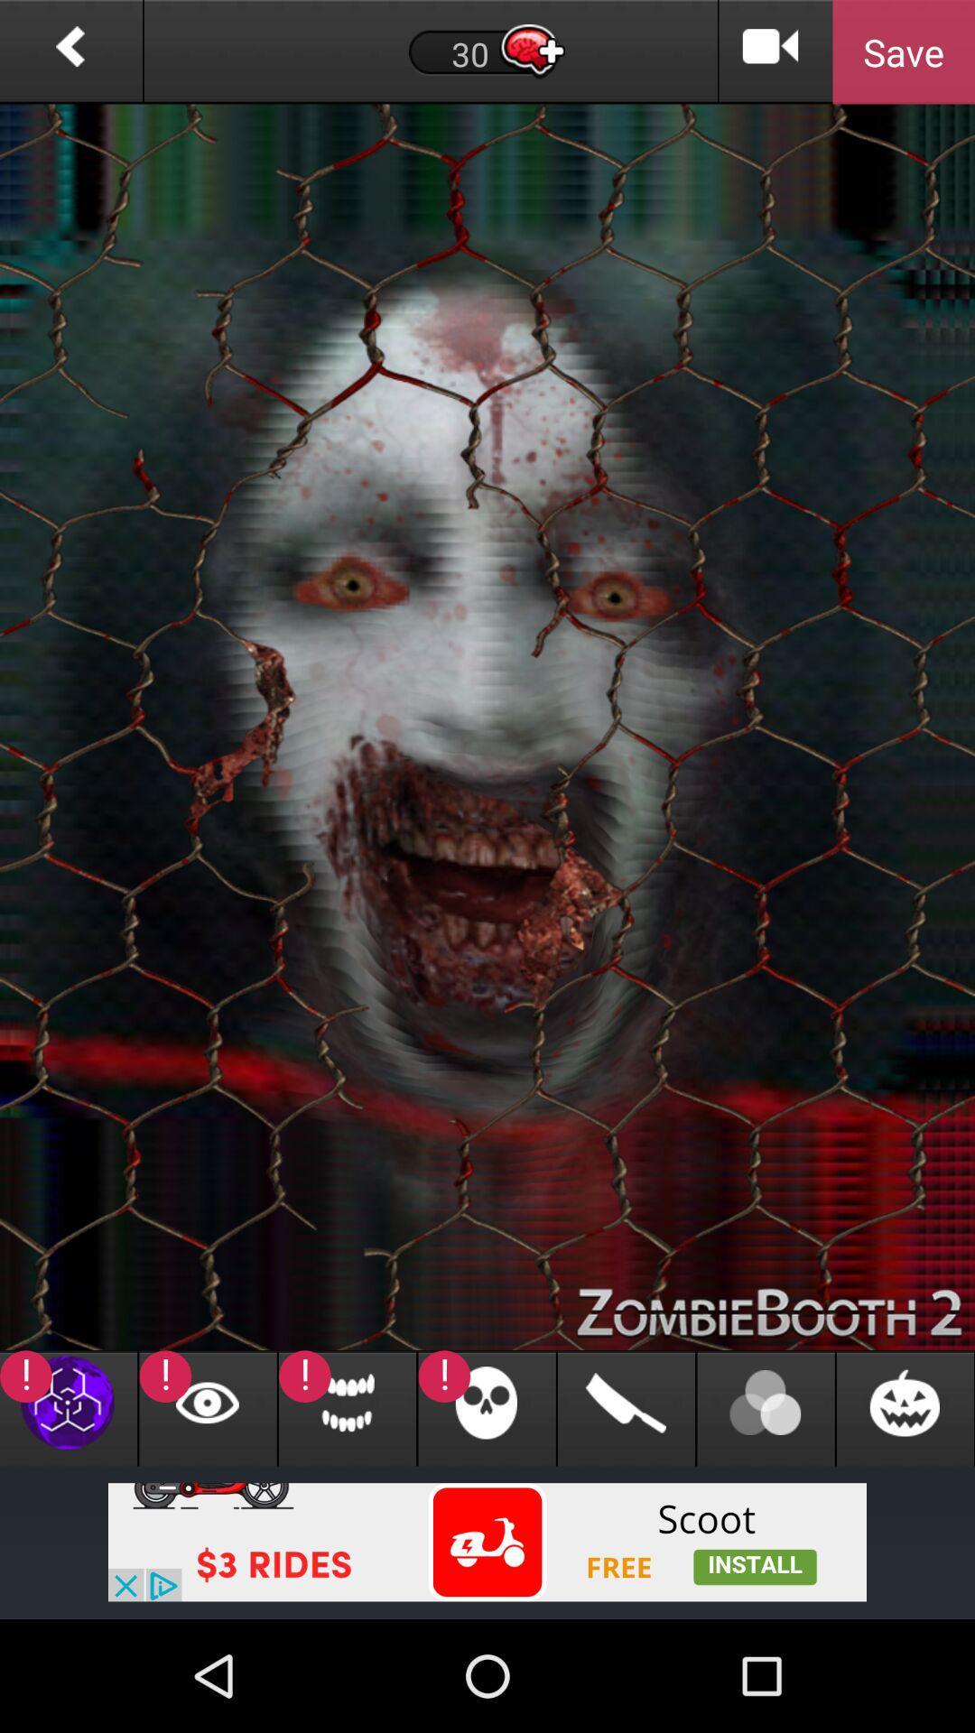  Describe the element at coordinates (207, 1407) in the screenshot. I see `blink option` at that location.